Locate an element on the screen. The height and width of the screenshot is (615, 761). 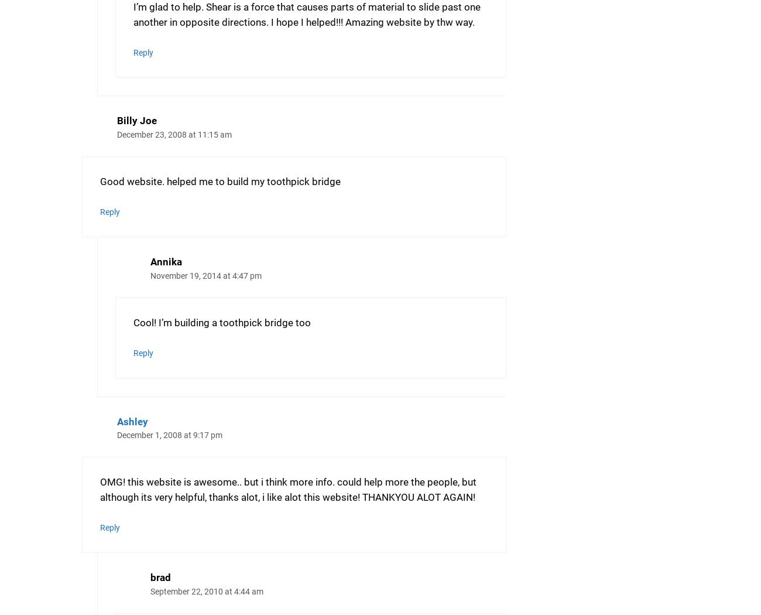
'Ashley' is located at coordinates (116, 421).